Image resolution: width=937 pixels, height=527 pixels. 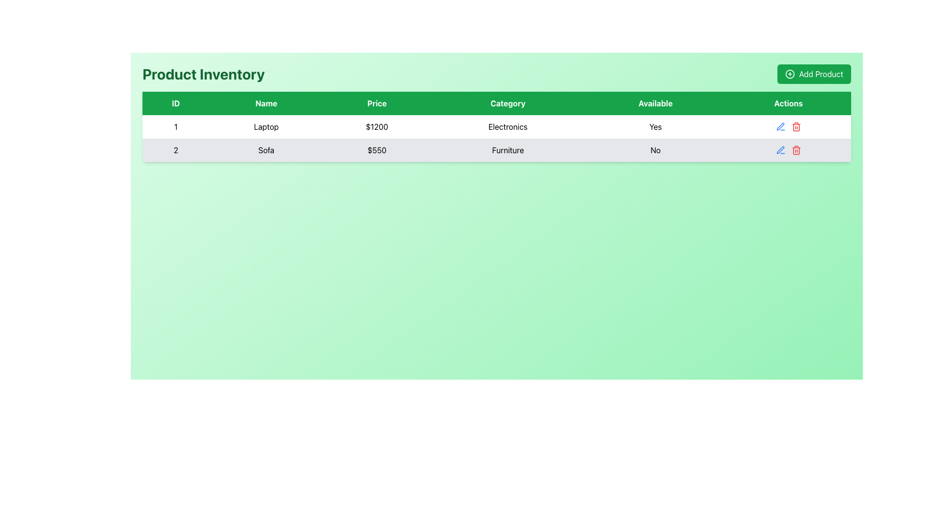 I want to click on the edit icon button located in the 'Actions' column of the second row in the table layout, so click(x=779, y=126).